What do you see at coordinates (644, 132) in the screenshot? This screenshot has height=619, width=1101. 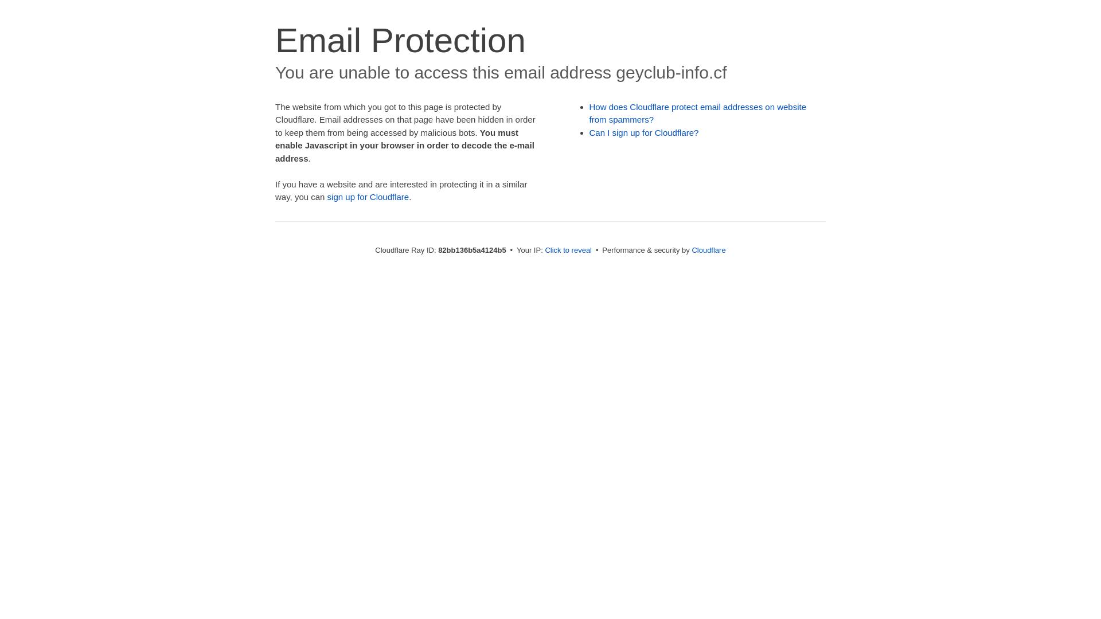 I see `'Can I sign up for Cloudflare?'` at bounding box center [644, 132].